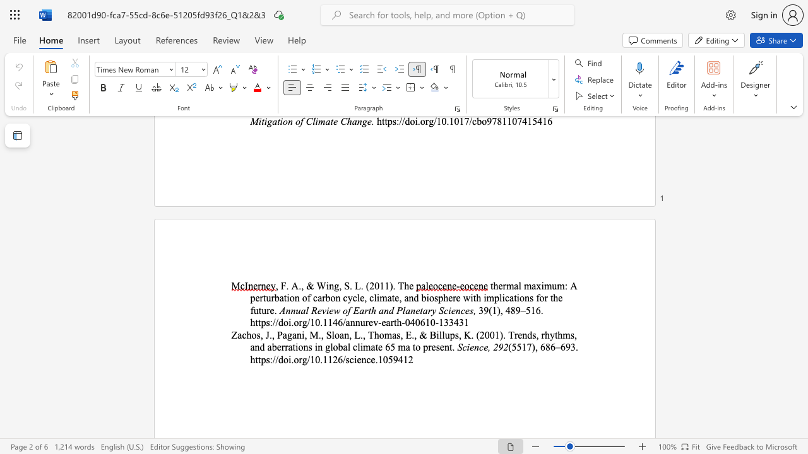 The image size is (808, 454). What do you see at coordinates (407, 121) in the screenshot?
I see `the 1th character "d" in the text` at bounding box center [407, 121].